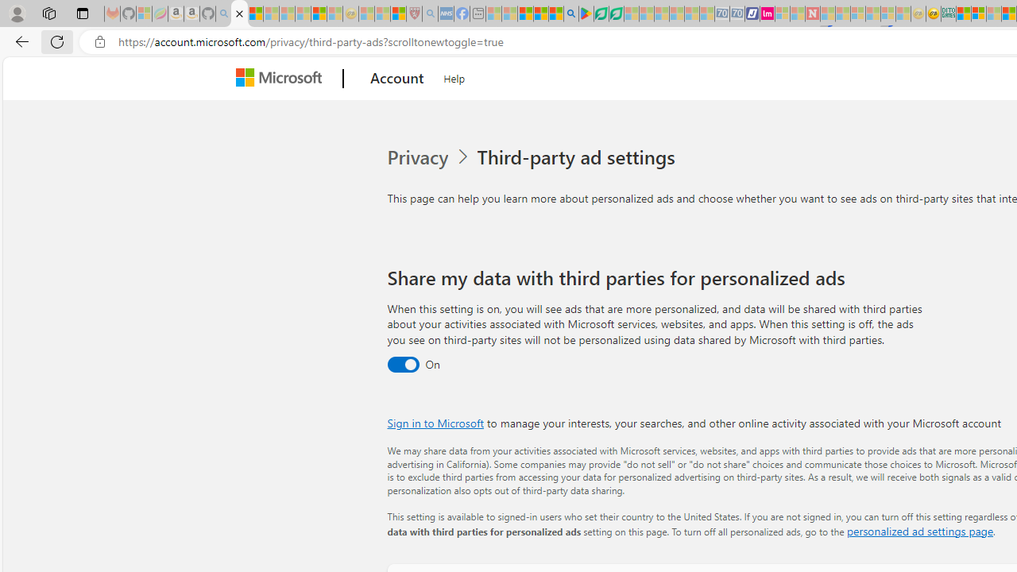 Image resolution: width=1017 pixels, height=572 pixels. What do you see at coordinates (396, 79) in the screenshot?
I see `'Account'` at bounding box center [396, 79].